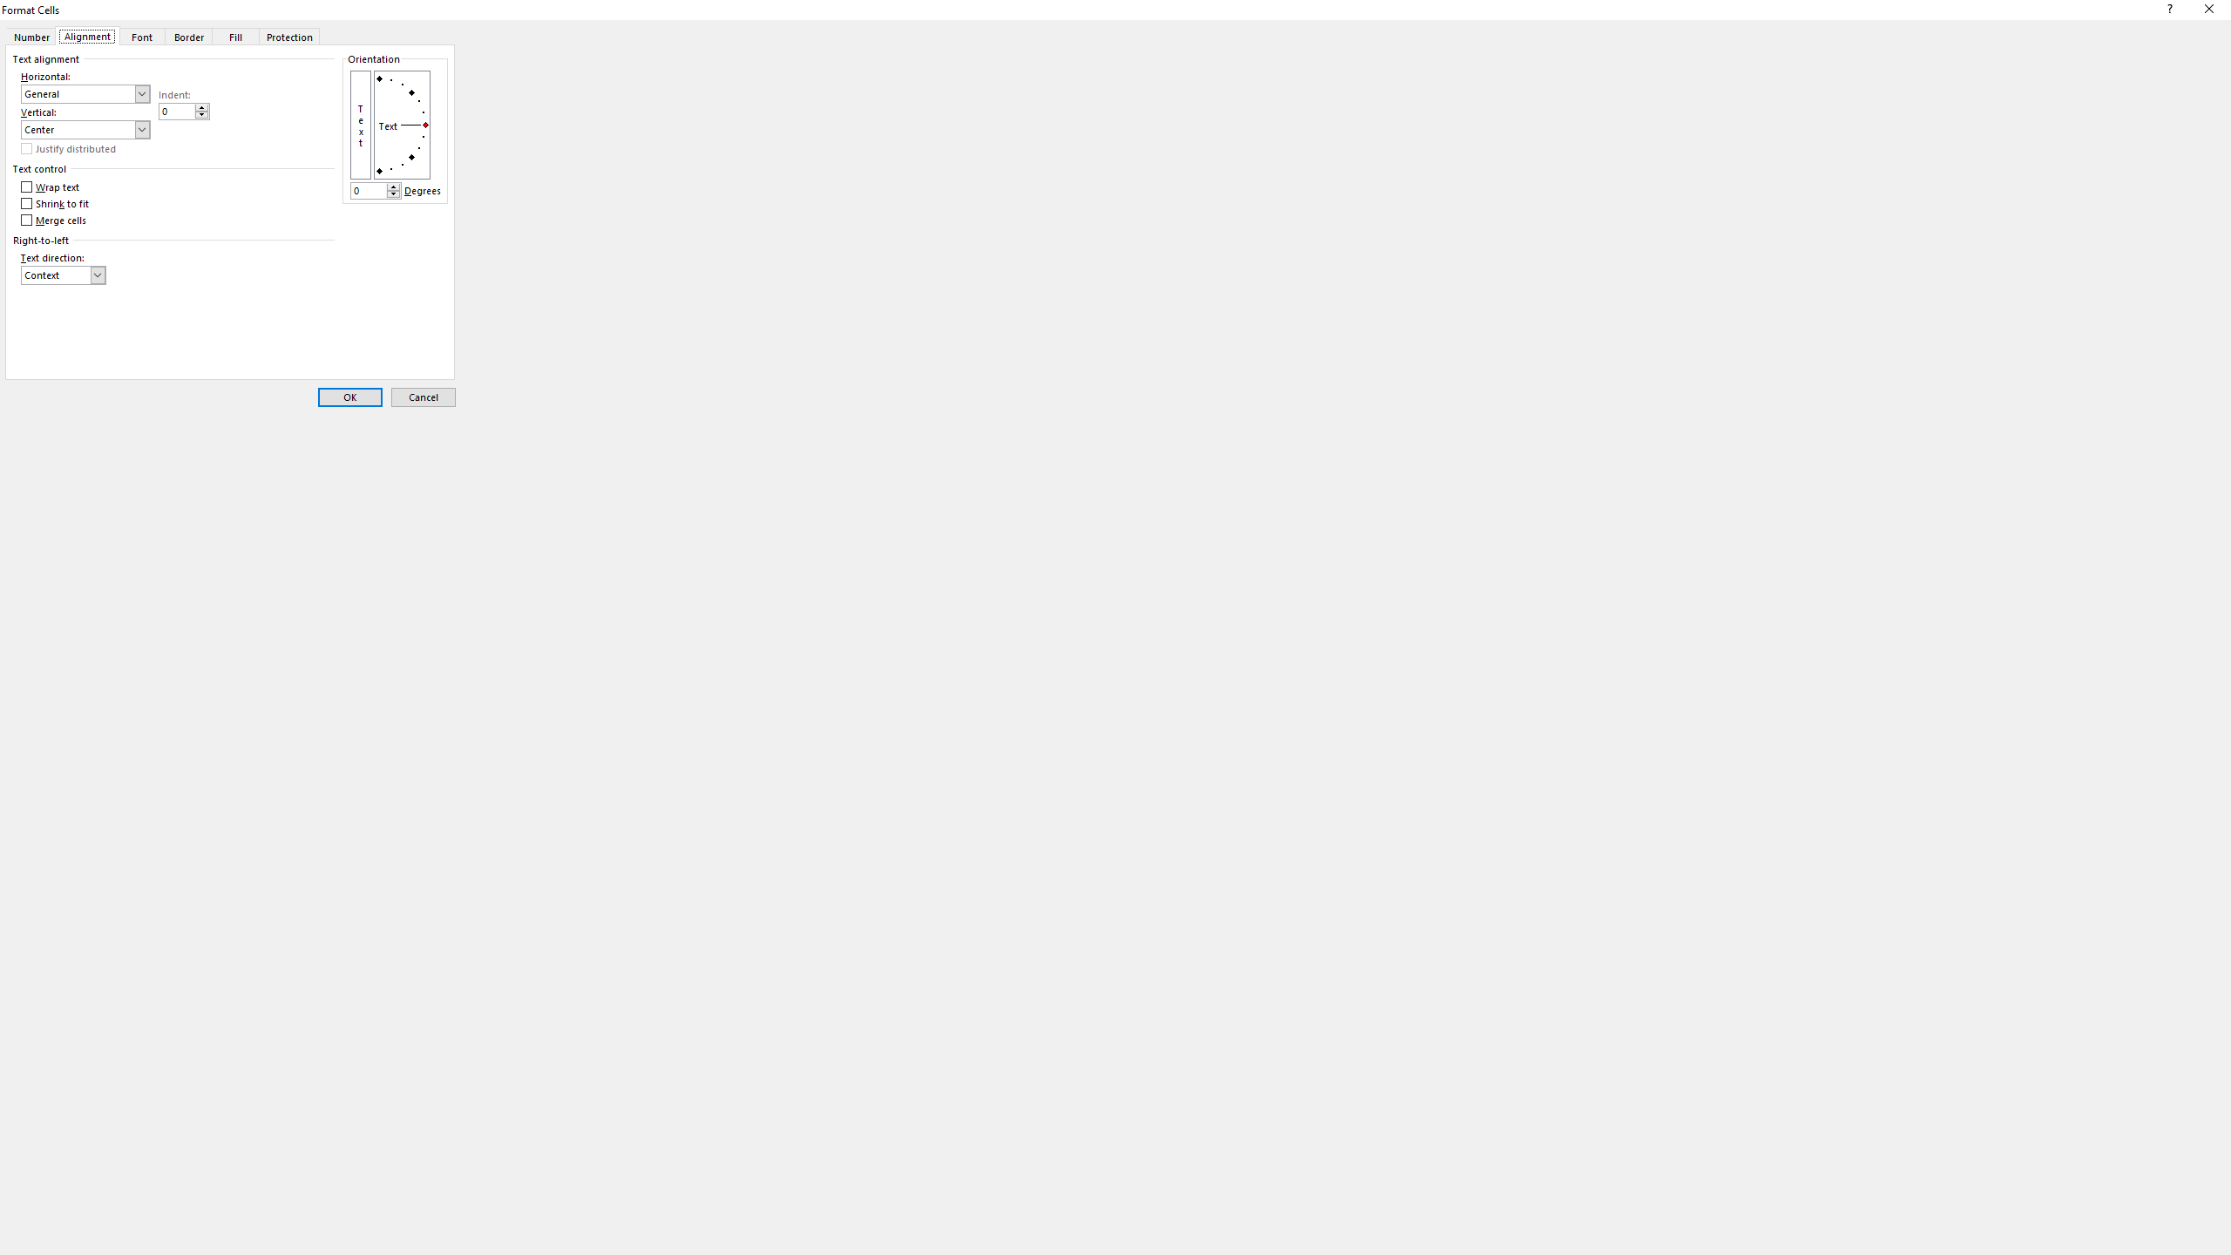 Image resolution: width=2231 pixels, height=1255 pixels. Describe the element at coordinates (184, 111) in the screenshot. I see `'Indent:'` at that location.